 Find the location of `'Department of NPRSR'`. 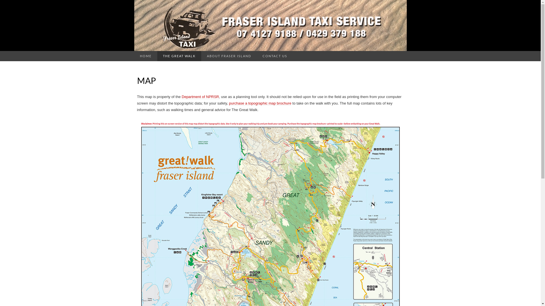

'Department of NPRSR' is located at coordinates (200, 97).